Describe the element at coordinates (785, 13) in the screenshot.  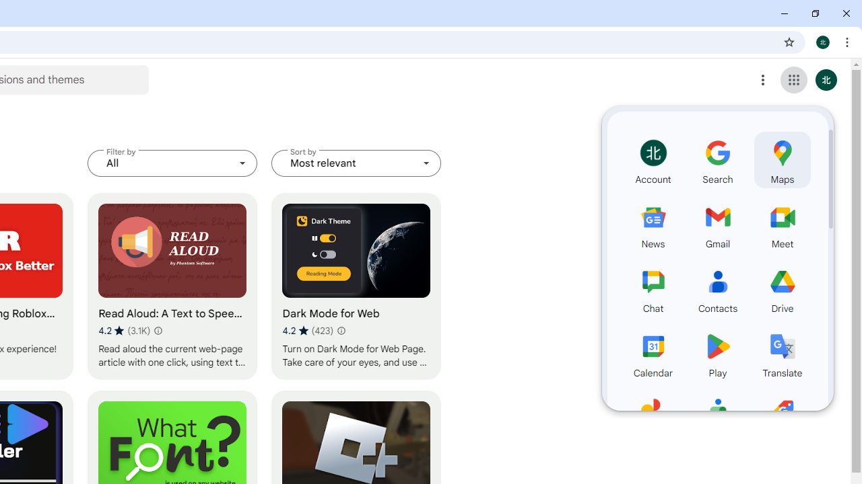
I see `'Minimize'` at that location.